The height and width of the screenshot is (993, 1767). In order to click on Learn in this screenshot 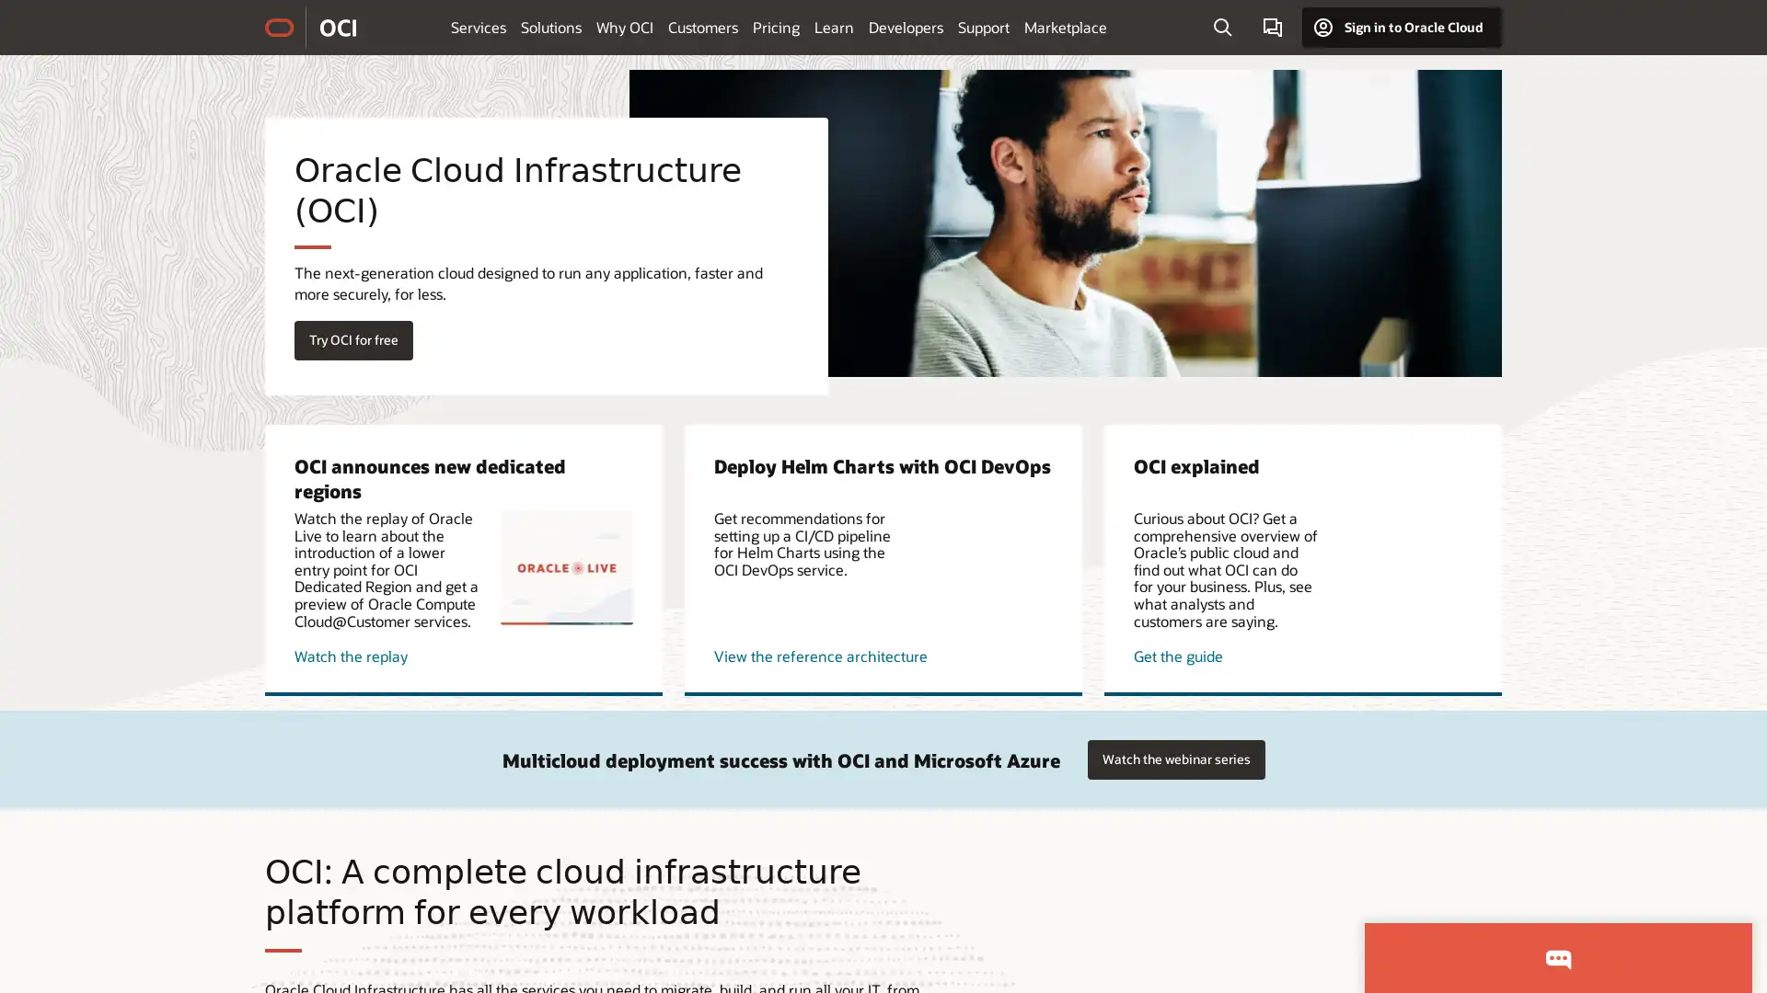, I will do `click(833, 27)`.